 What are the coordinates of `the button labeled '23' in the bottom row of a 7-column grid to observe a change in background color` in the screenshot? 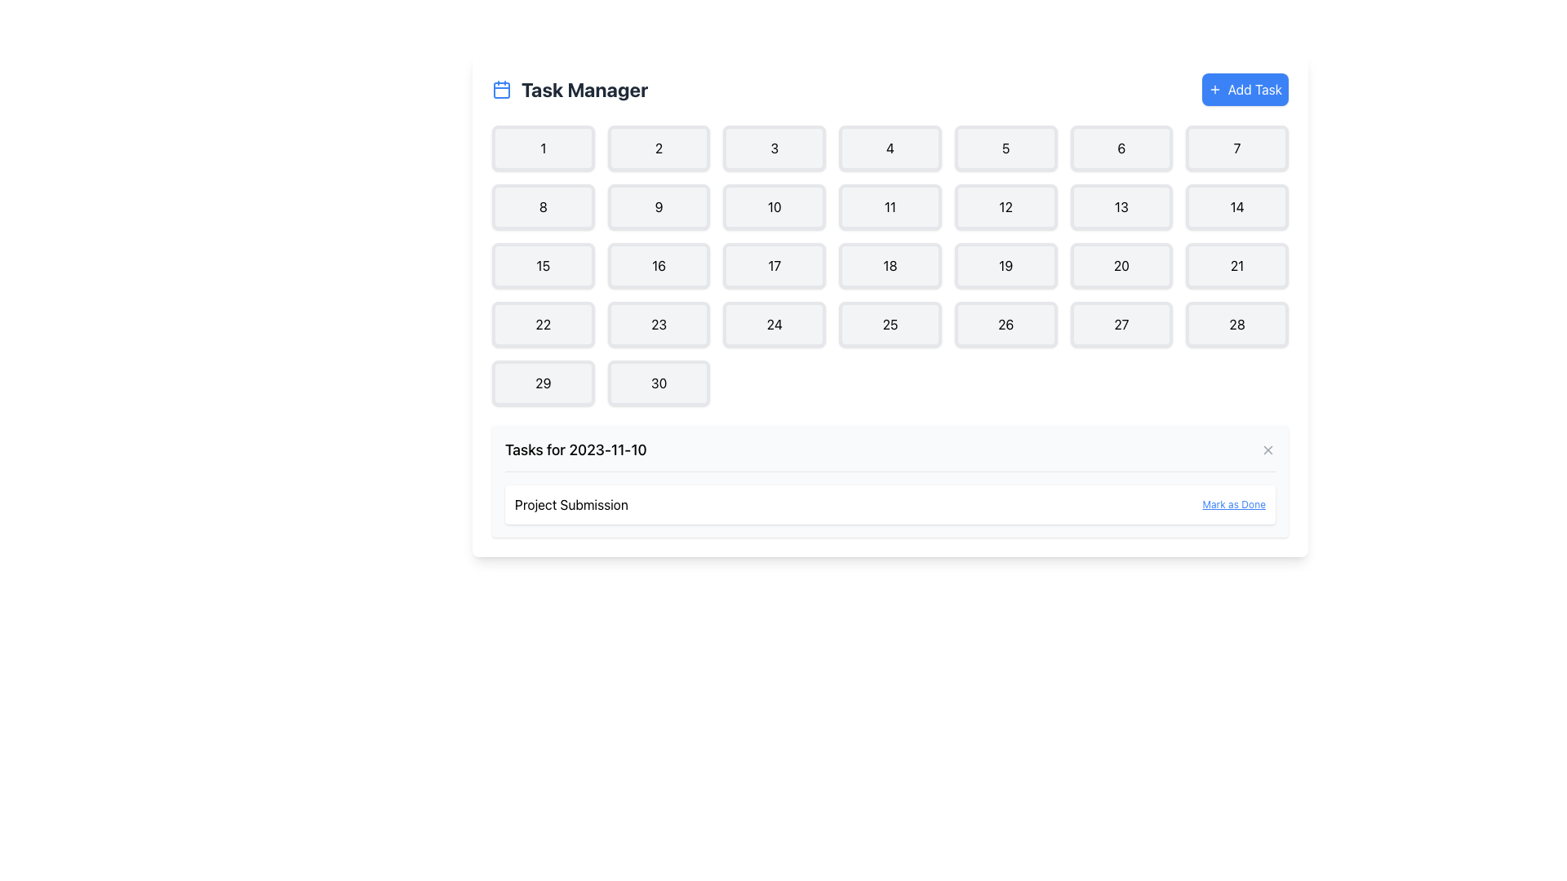 It's located at (659, 324).